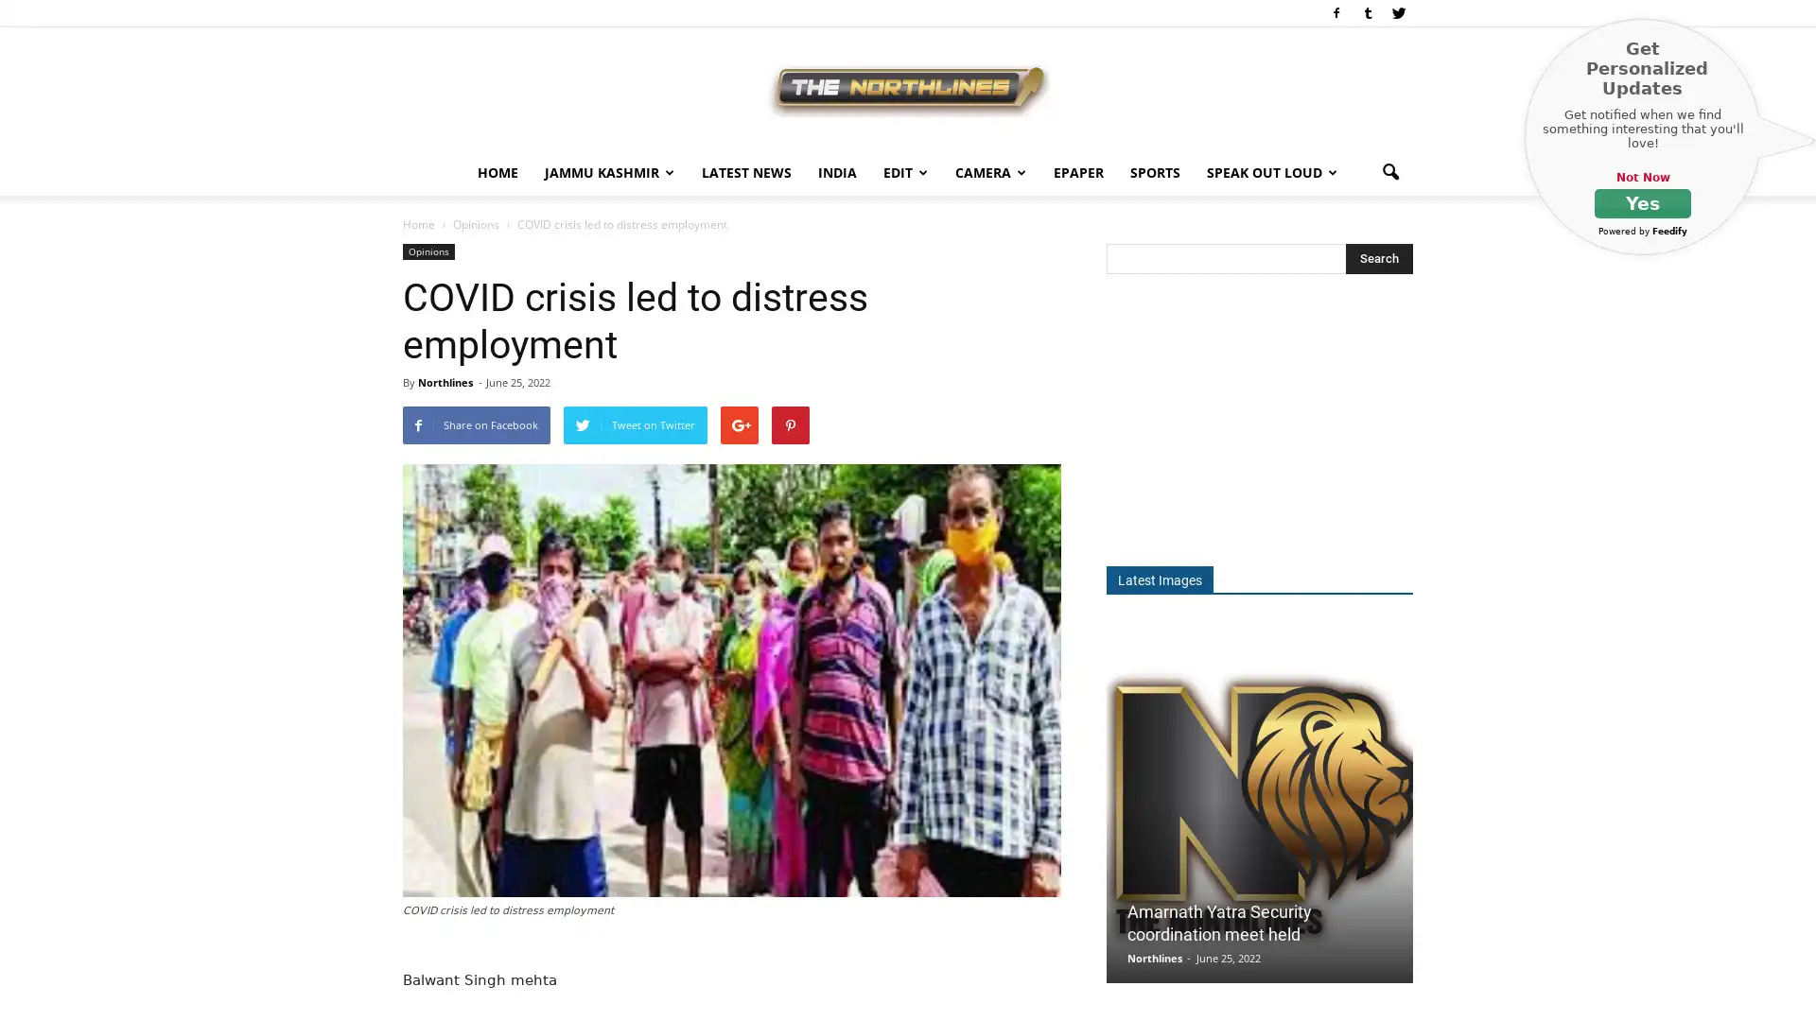 This screenshot has width=1816, height=1021. What do you see at coordinates (1641, 178) in the screenshot?
I see `Not Now` at bounding box center [1641, 178].